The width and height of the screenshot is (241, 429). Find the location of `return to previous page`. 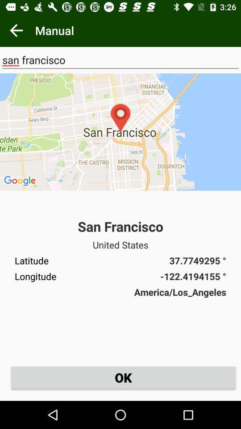

return to previous page is located at coordinates (16, 30).